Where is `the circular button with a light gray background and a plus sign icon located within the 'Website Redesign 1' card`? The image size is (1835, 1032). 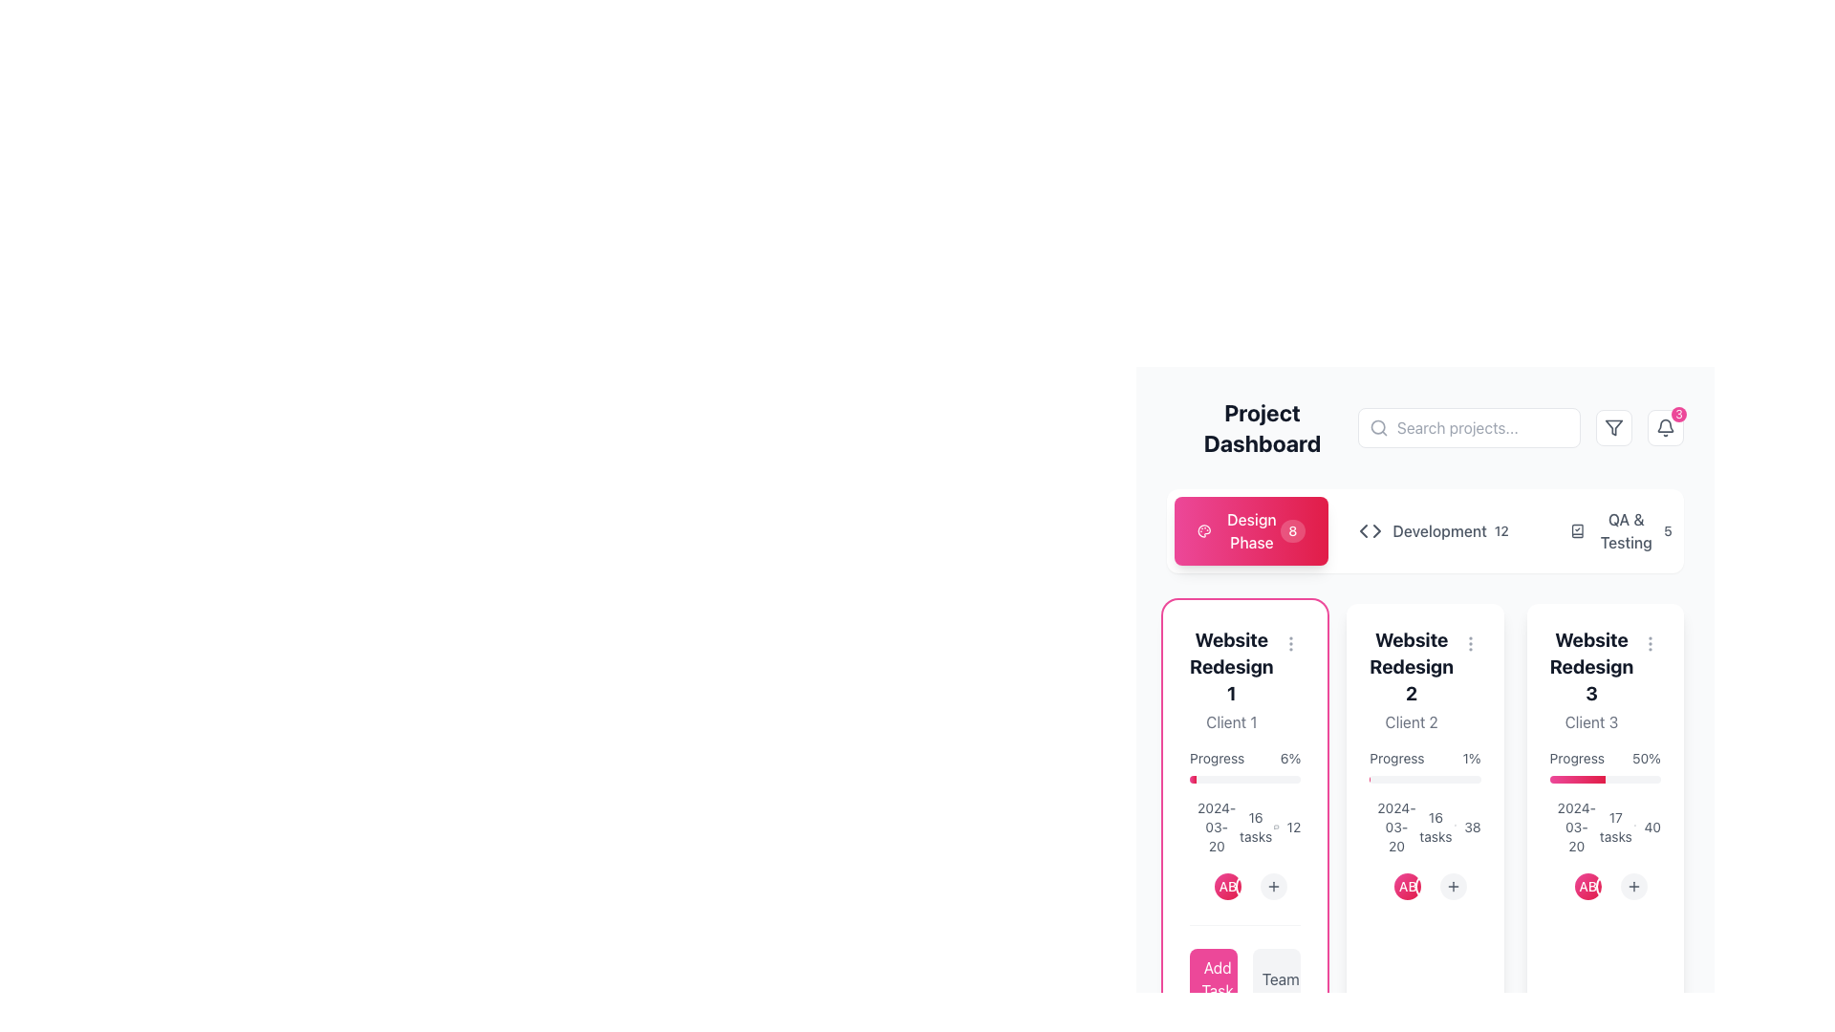
the circular button with a light gray background and a plus sign icon located within the 'Website Redesign 1' card is located at coordinates (1274, 887).